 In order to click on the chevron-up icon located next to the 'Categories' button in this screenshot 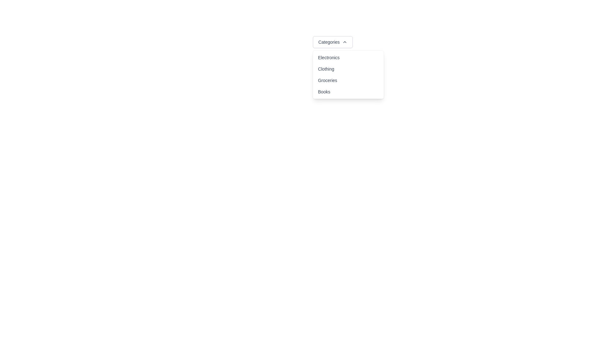, I will do `click(344, 42)`.